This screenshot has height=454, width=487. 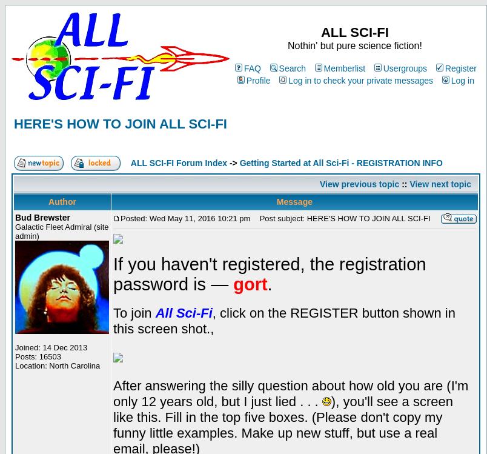 I want to click on 'View previous topic', so click(x=359, y=182).